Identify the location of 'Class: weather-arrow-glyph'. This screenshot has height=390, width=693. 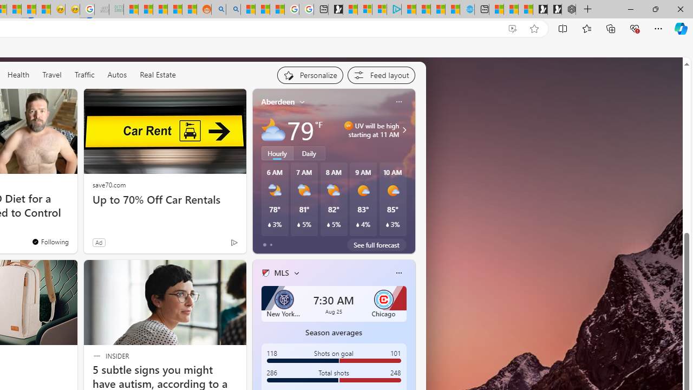
(403, 129).